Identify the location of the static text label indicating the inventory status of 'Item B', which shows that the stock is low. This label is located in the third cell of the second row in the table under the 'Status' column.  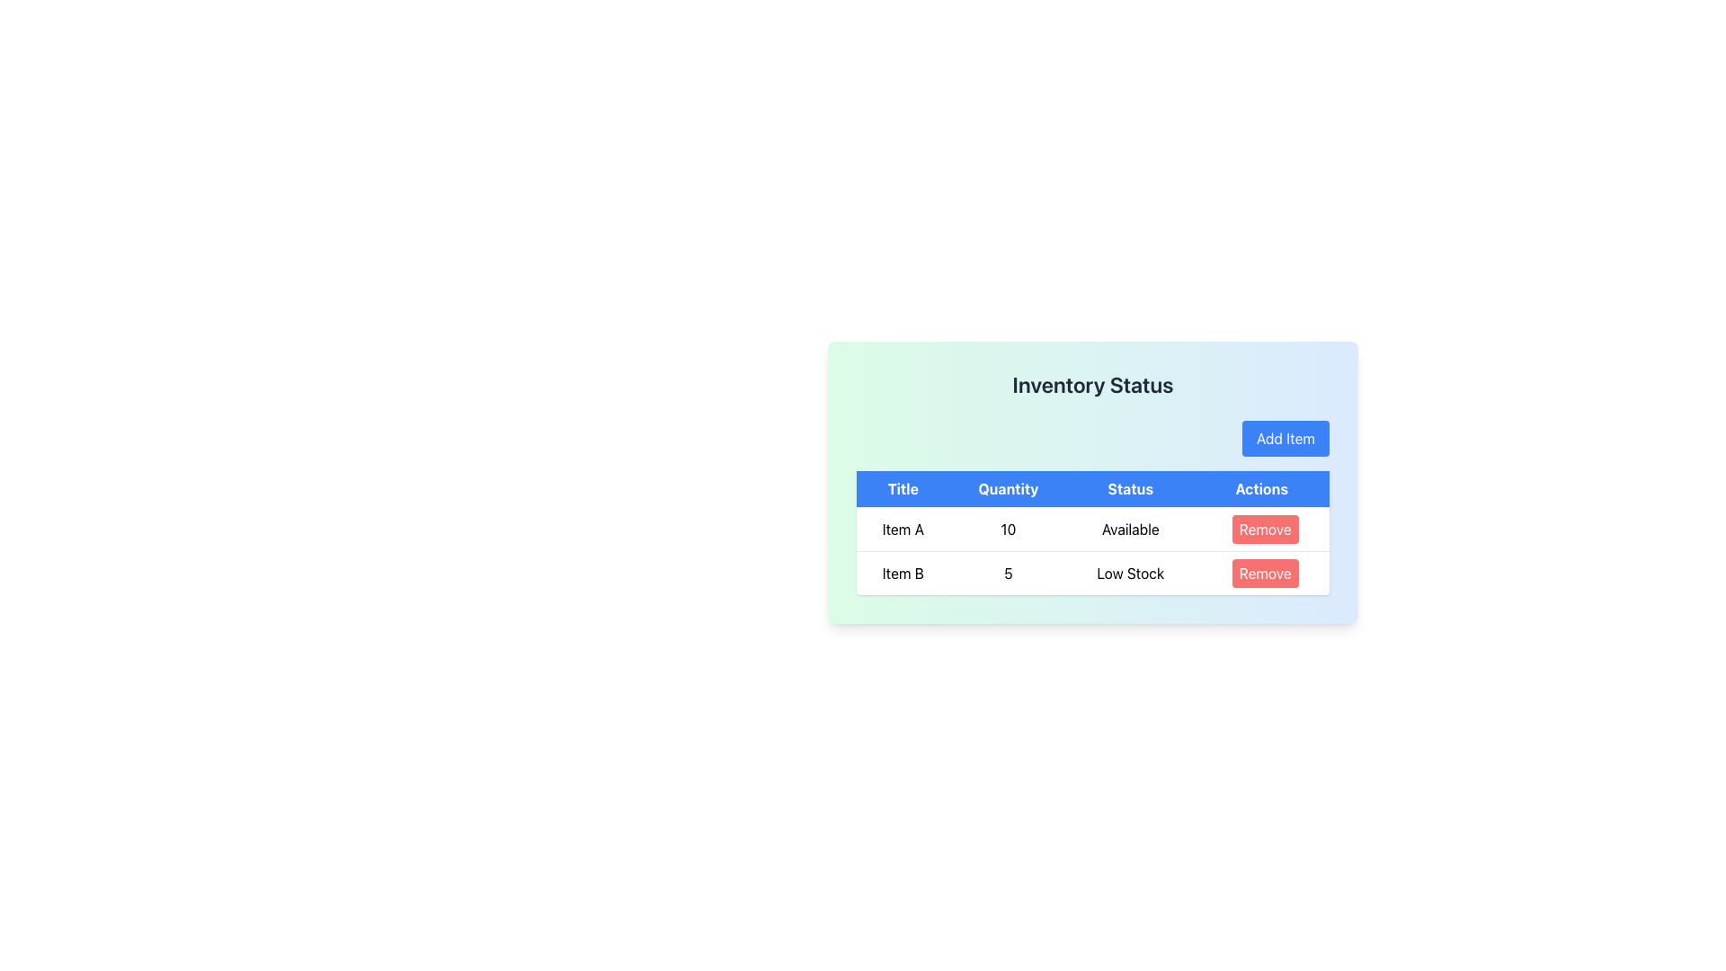
(1129, 573).